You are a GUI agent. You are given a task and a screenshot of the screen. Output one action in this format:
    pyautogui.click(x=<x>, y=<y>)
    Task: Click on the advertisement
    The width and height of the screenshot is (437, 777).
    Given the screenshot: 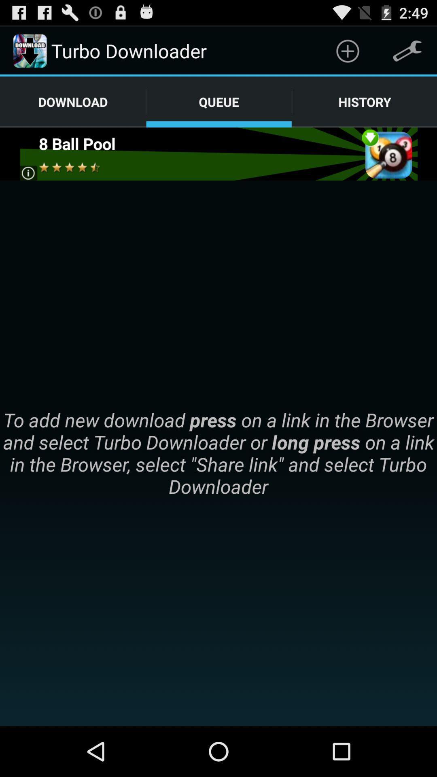 What is the action you would take?
    pyautogui.click(x=218, y=154)
    